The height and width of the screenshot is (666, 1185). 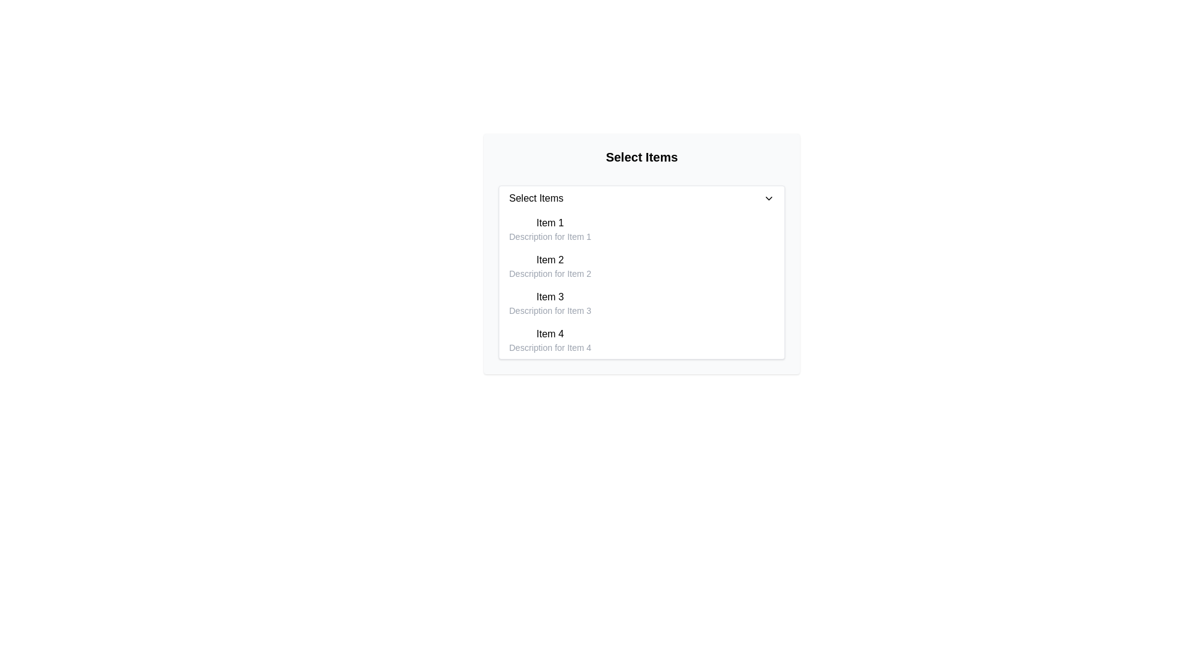 I want to click on the Text label for the second item in the dropdown menu under the header 'Select Items', which identifies 'Item 2', so click(x=549, y=259).